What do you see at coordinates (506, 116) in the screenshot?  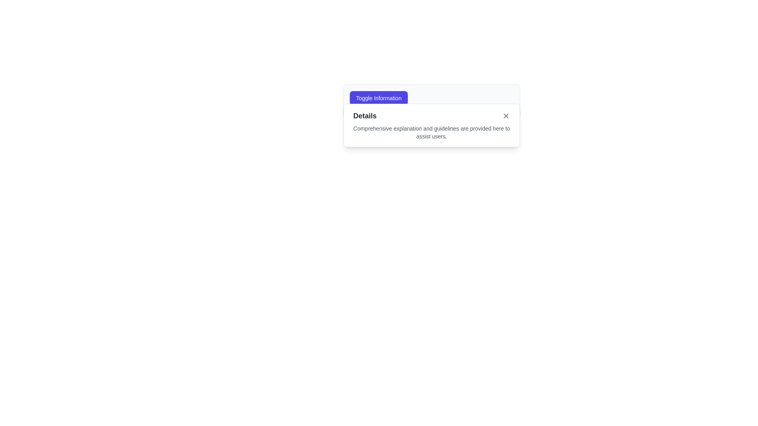 I see `the gray close icon shaped as a cross (X) located at the top-right corner of the 'Details' section` at bounding box center [506, 116].